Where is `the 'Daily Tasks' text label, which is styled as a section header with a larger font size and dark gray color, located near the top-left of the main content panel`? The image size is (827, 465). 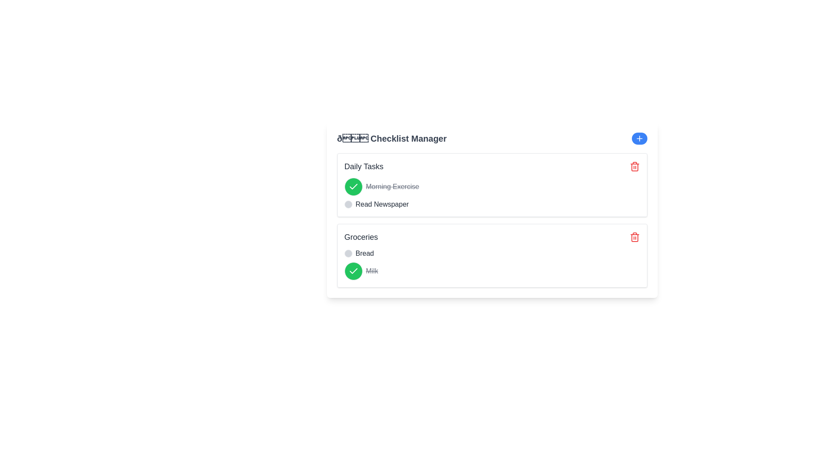
the 'Daily Tasks' text label, which is styled as a section header with a larger font size and dark gray color, located near the top-left of the main content panel is located at coordinates (364, 166).